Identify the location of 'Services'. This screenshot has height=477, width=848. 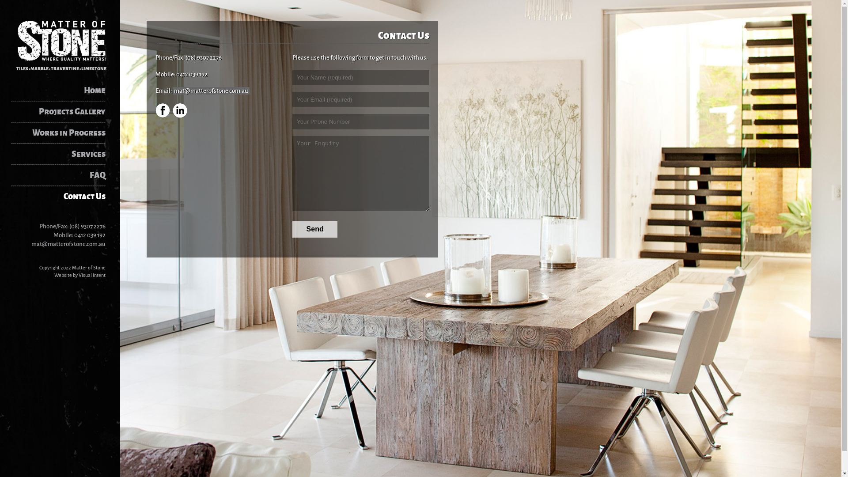
(63, 153).